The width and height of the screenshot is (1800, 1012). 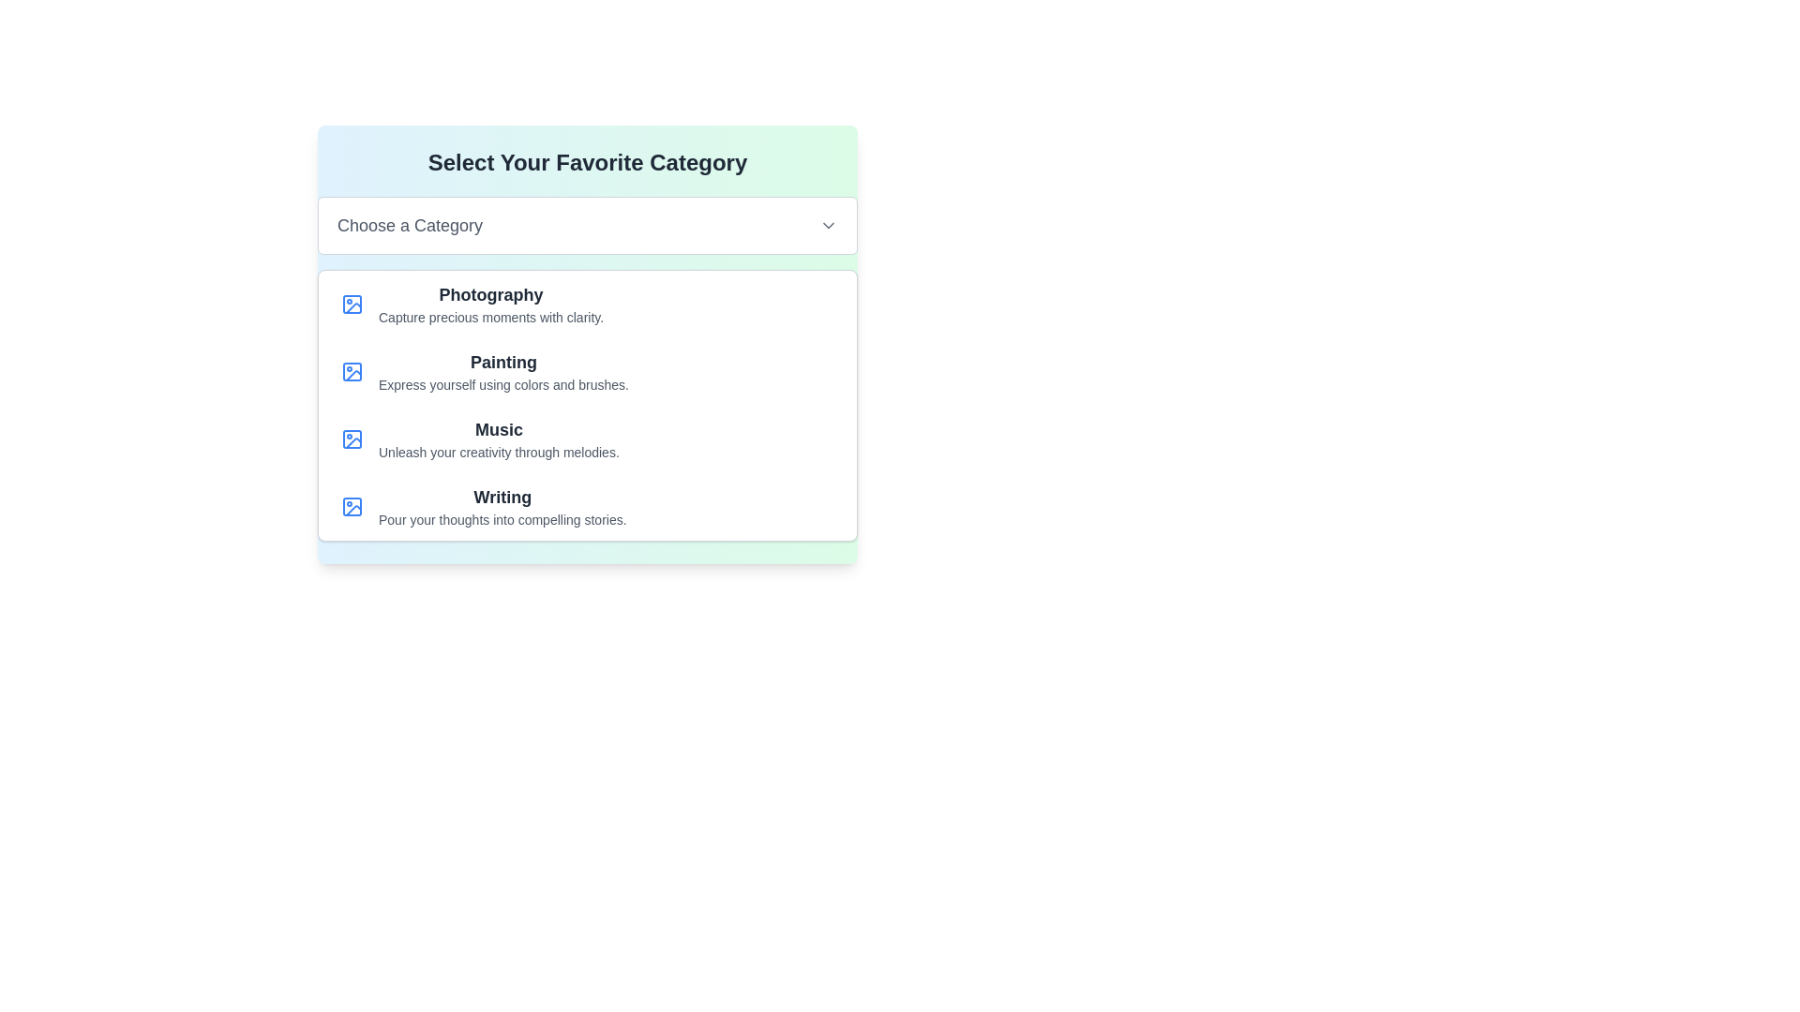 I want to click on to select the 'Writing' category, which is identified by the bold title 'Writing' in dark gray and is the last item in a vertical list of categories, so click(x=502, y=506).